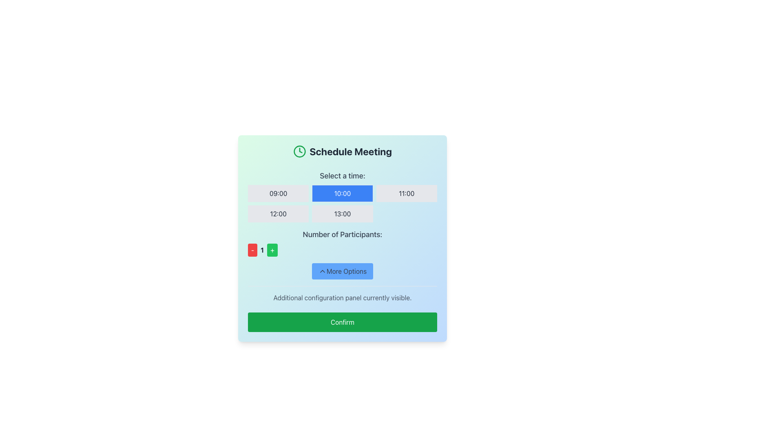  I want to click on the static text element displaying the bold number '1', which is positioned between the '-' and '+' buttons, under the heading 'Number of Participants:' on a blue gradient panel, so click(262, 249).